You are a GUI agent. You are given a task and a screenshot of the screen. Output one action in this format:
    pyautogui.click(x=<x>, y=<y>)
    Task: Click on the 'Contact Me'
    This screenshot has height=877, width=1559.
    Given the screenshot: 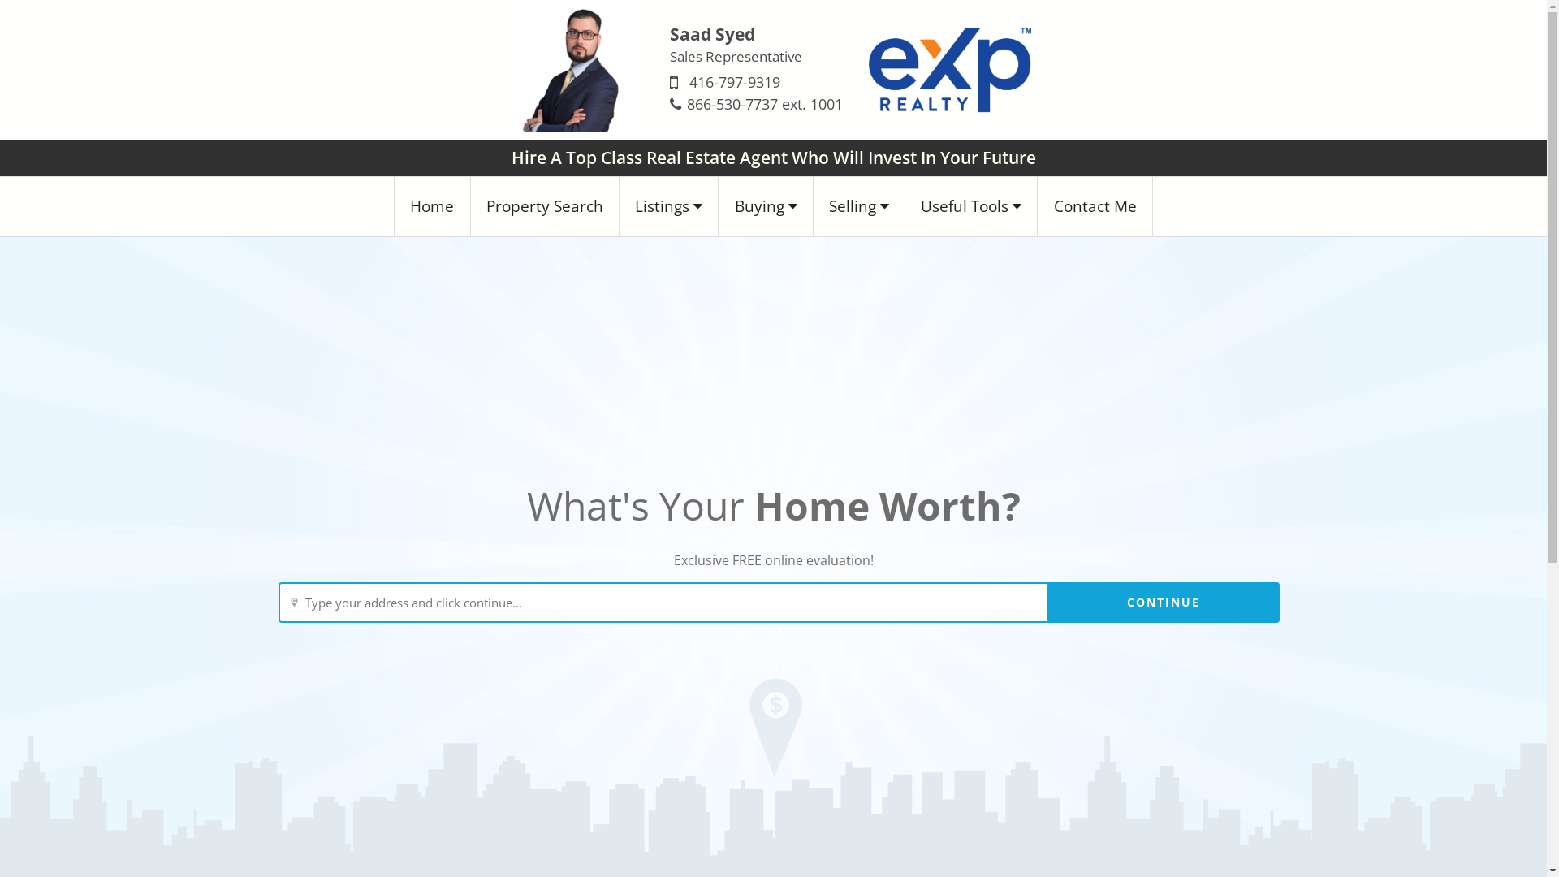 What is the action you would take?
    pyautogui.click(x=1095, y=205)
    